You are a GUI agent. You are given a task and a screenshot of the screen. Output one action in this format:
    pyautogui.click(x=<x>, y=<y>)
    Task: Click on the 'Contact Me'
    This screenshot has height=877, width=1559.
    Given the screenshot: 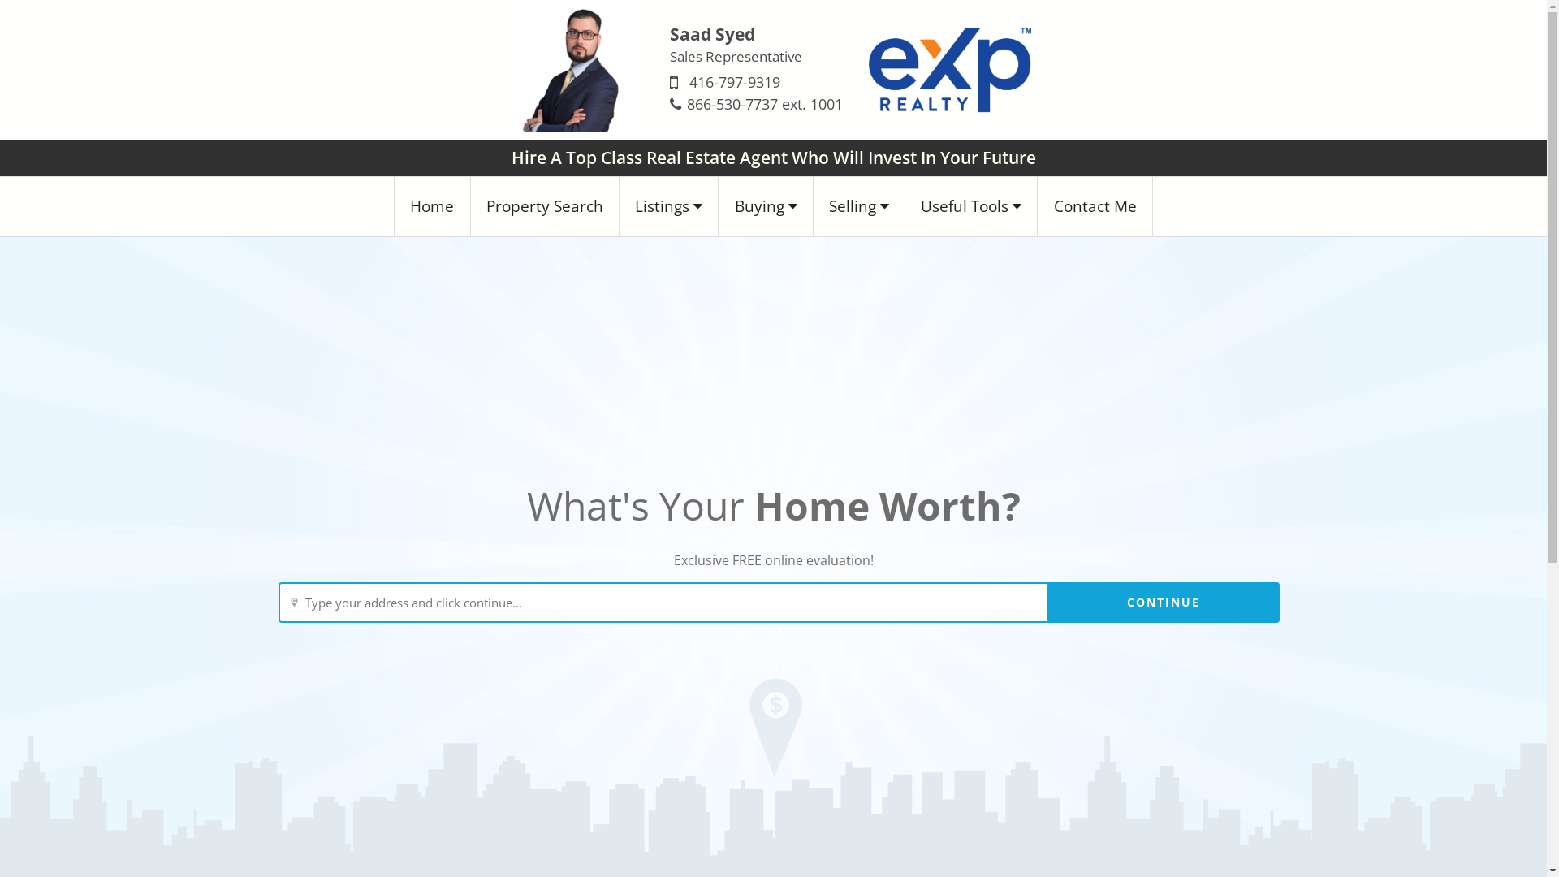 What is the action you would take?
    pyautogui.click(x=1095, y=205)
    